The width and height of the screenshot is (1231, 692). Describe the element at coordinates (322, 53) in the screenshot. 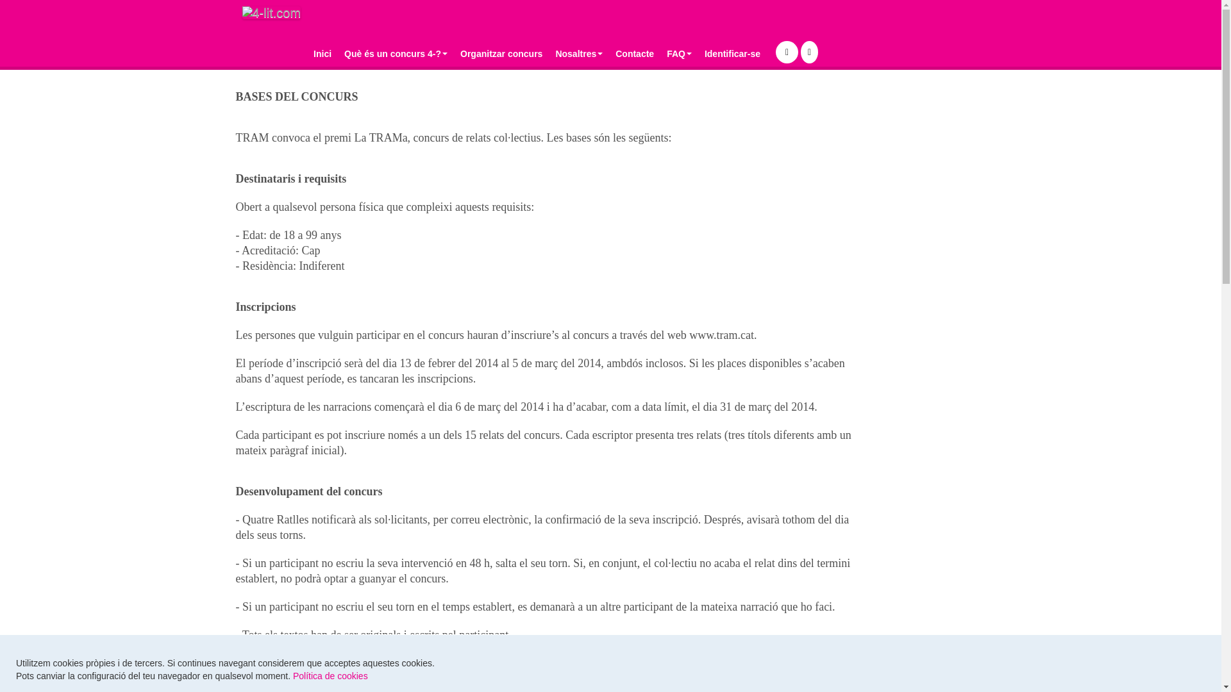

I see `'Inici'` at that location.